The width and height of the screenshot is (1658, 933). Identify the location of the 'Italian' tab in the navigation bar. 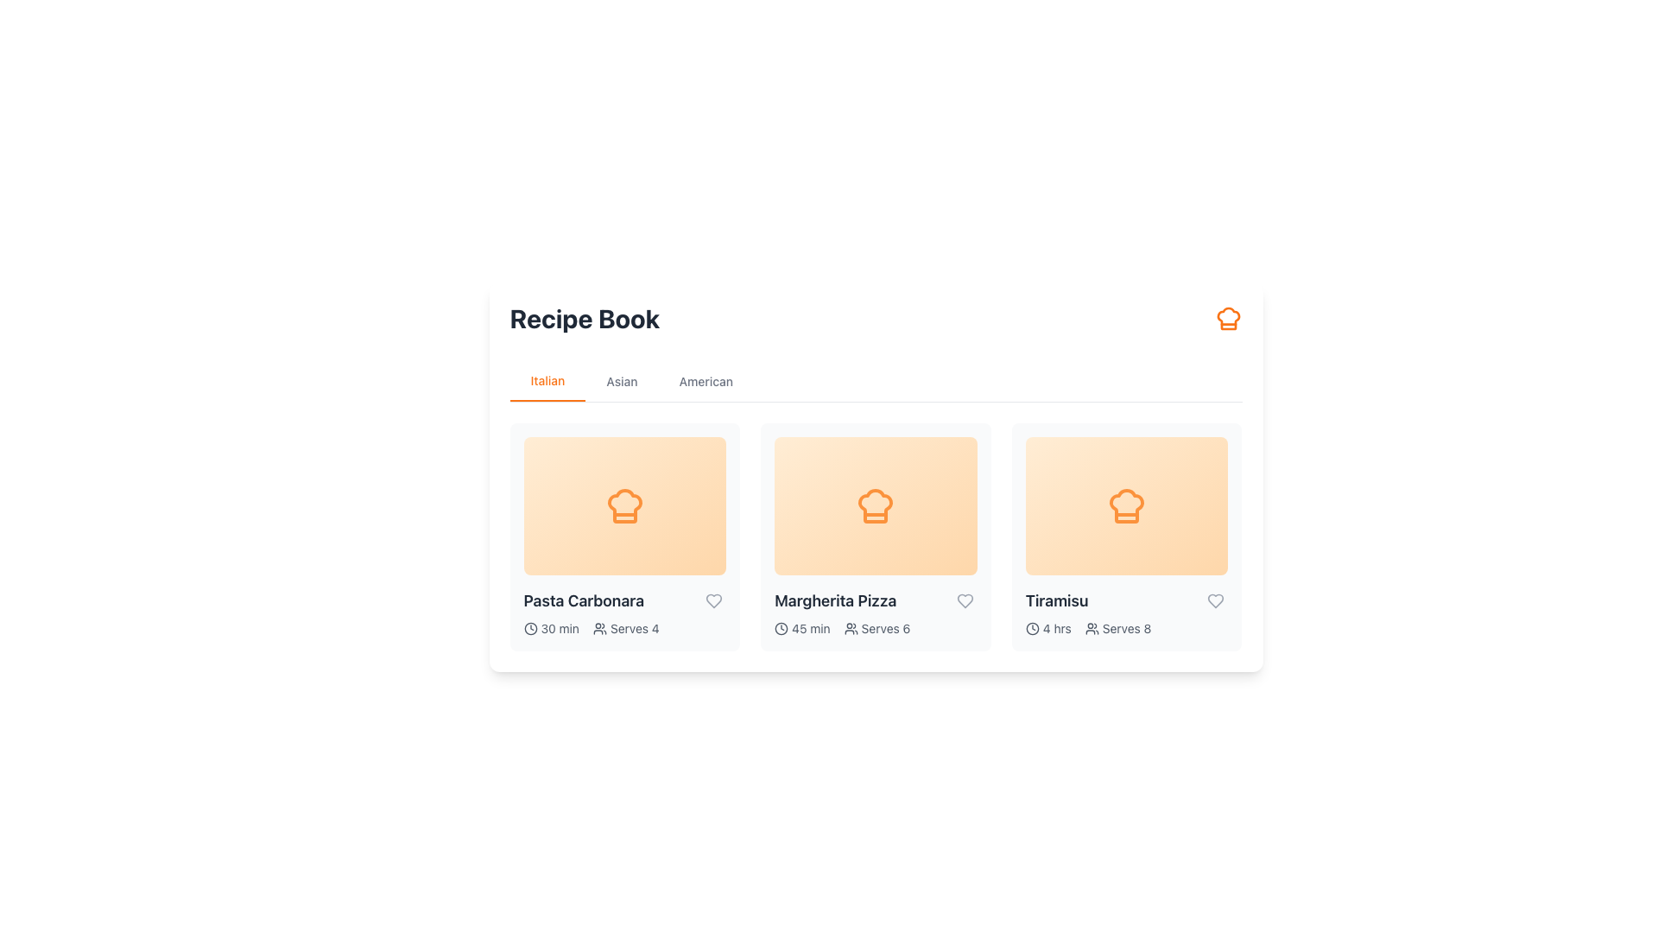
(547, 381).